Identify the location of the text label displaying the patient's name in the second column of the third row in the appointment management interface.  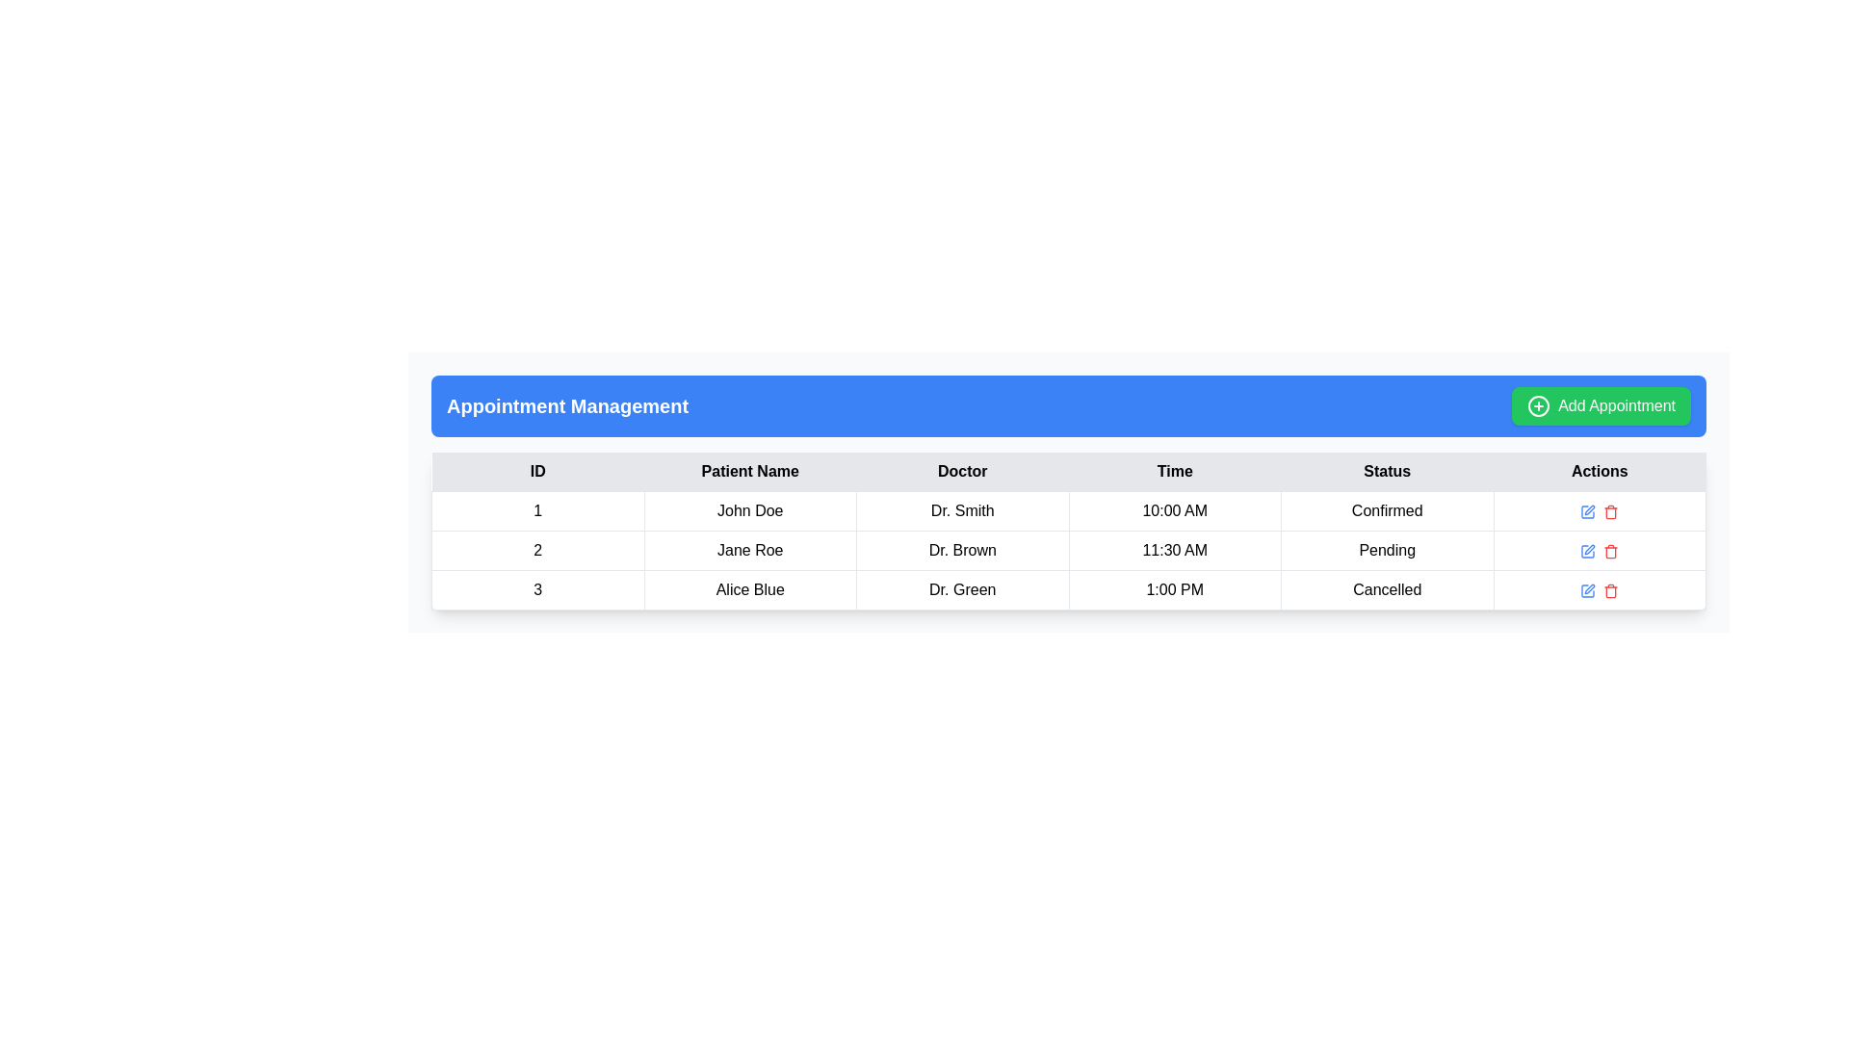
(749, 589).